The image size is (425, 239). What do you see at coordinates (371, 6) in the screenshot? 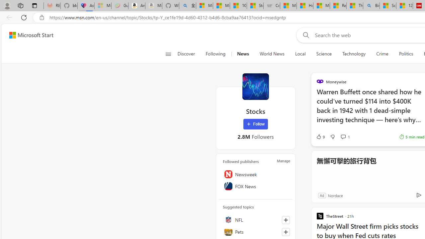
I see `'Bing'` at bounding box center [371, 6].